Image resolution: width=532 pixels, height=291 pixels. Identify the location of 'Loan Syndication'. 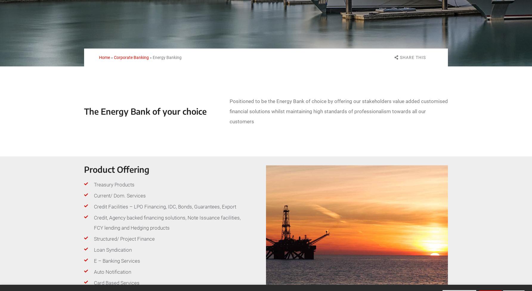
(94, 250).